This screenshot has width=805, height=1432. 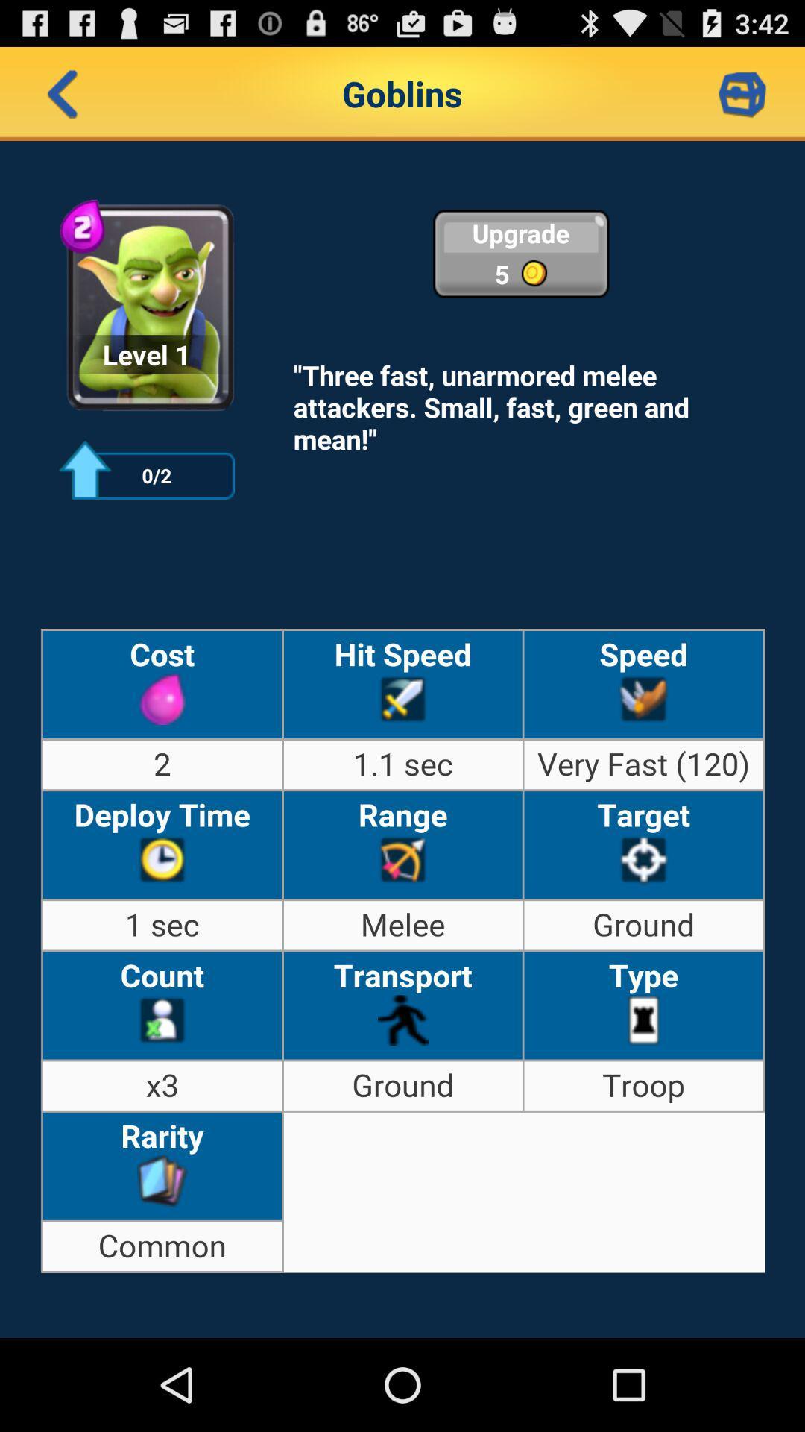 I want to click on content, so click(x=742, y=92).